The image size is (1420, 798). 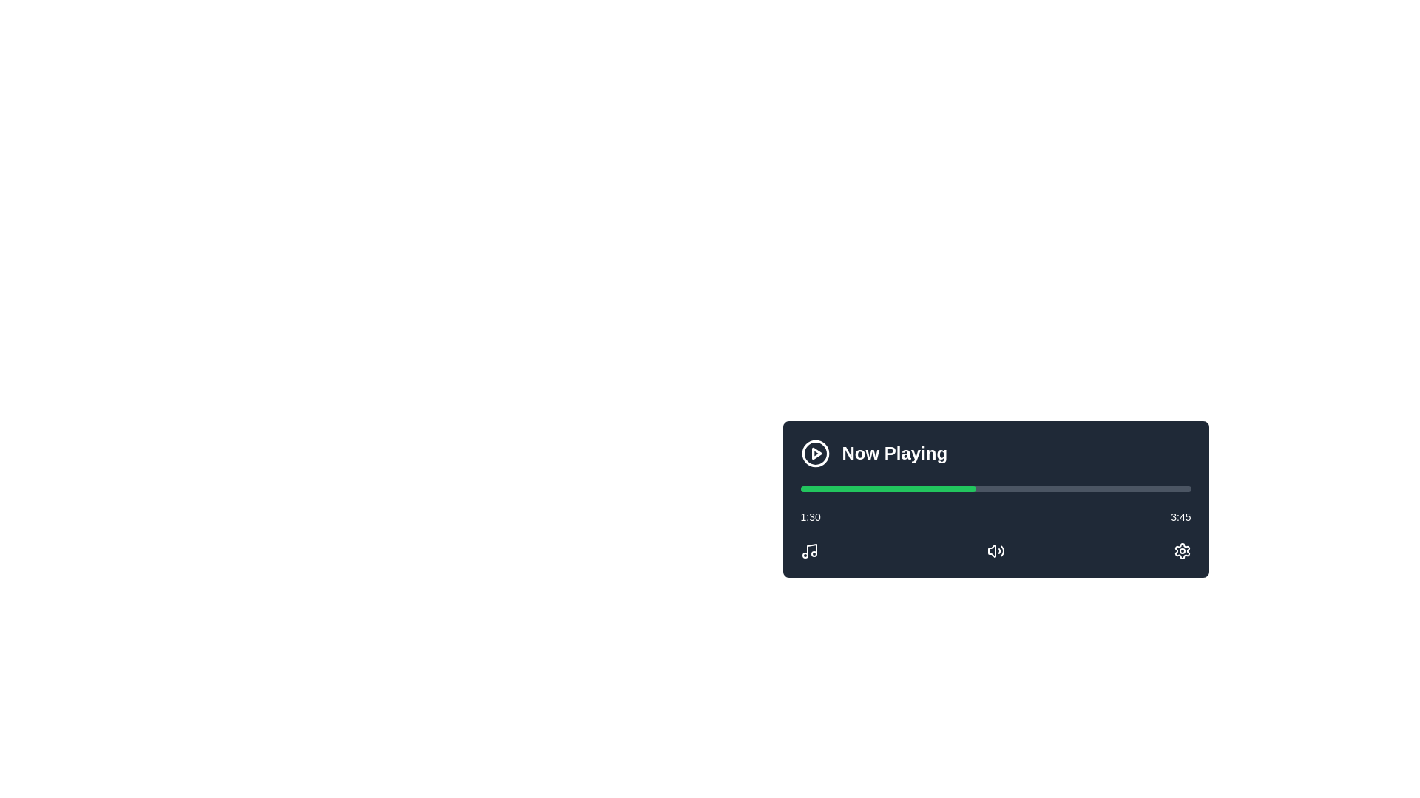 What do you see at coordinates (808, 550) in the screenshot?
I see `the music icon button located at the bottom left corner of the audio player interface, which is the first of three horizontally aligned icons` at bounding box center [808, 550].